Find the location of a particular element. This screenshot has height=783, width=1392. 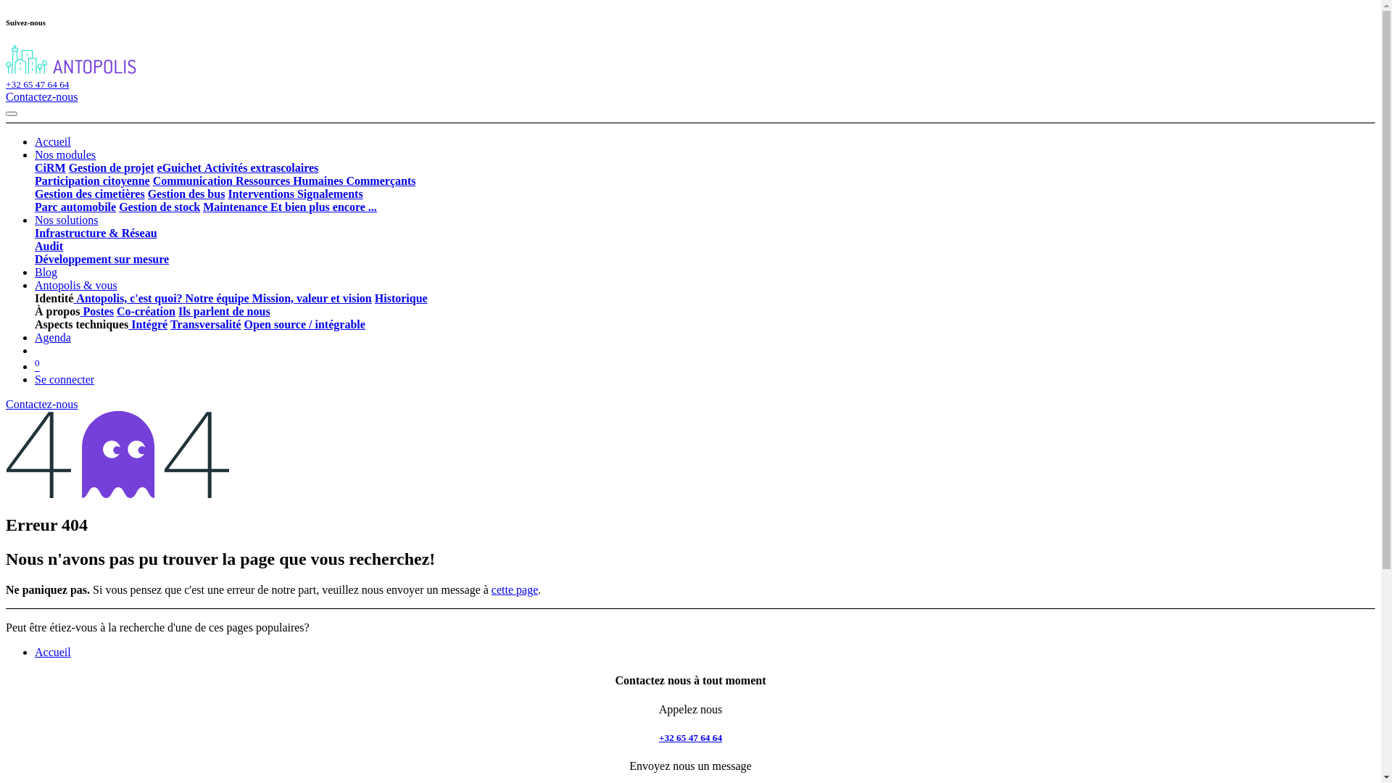

'cette page' is located at coordinates (515, 589).